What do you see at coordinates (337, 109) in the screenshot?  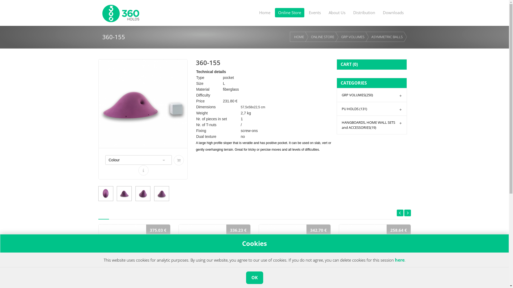 I see `'PU HOLDS (131)'` at bounding box center [337, 109].